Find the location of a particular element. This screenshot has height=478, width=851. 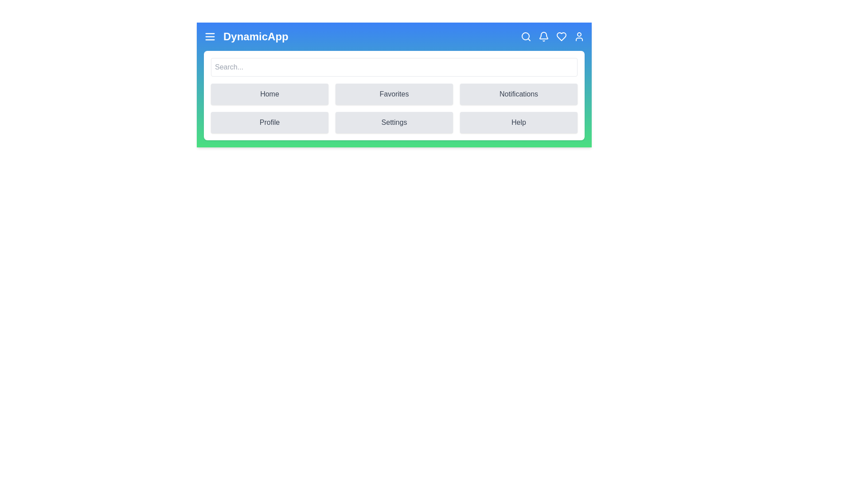

the 'Help' button in the menu is located at coordinates (519, 123).